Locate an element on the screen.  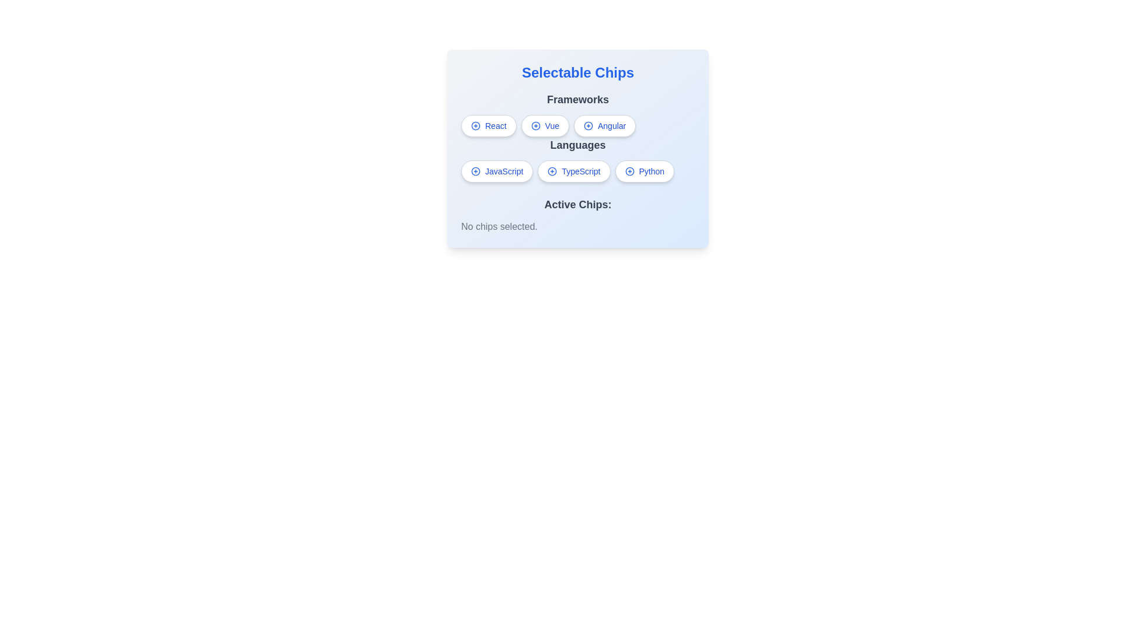
the SVG circle component that represents the toggle state of the 'JavaScript' selection in the Languages section is located at coordinates (476, 171).